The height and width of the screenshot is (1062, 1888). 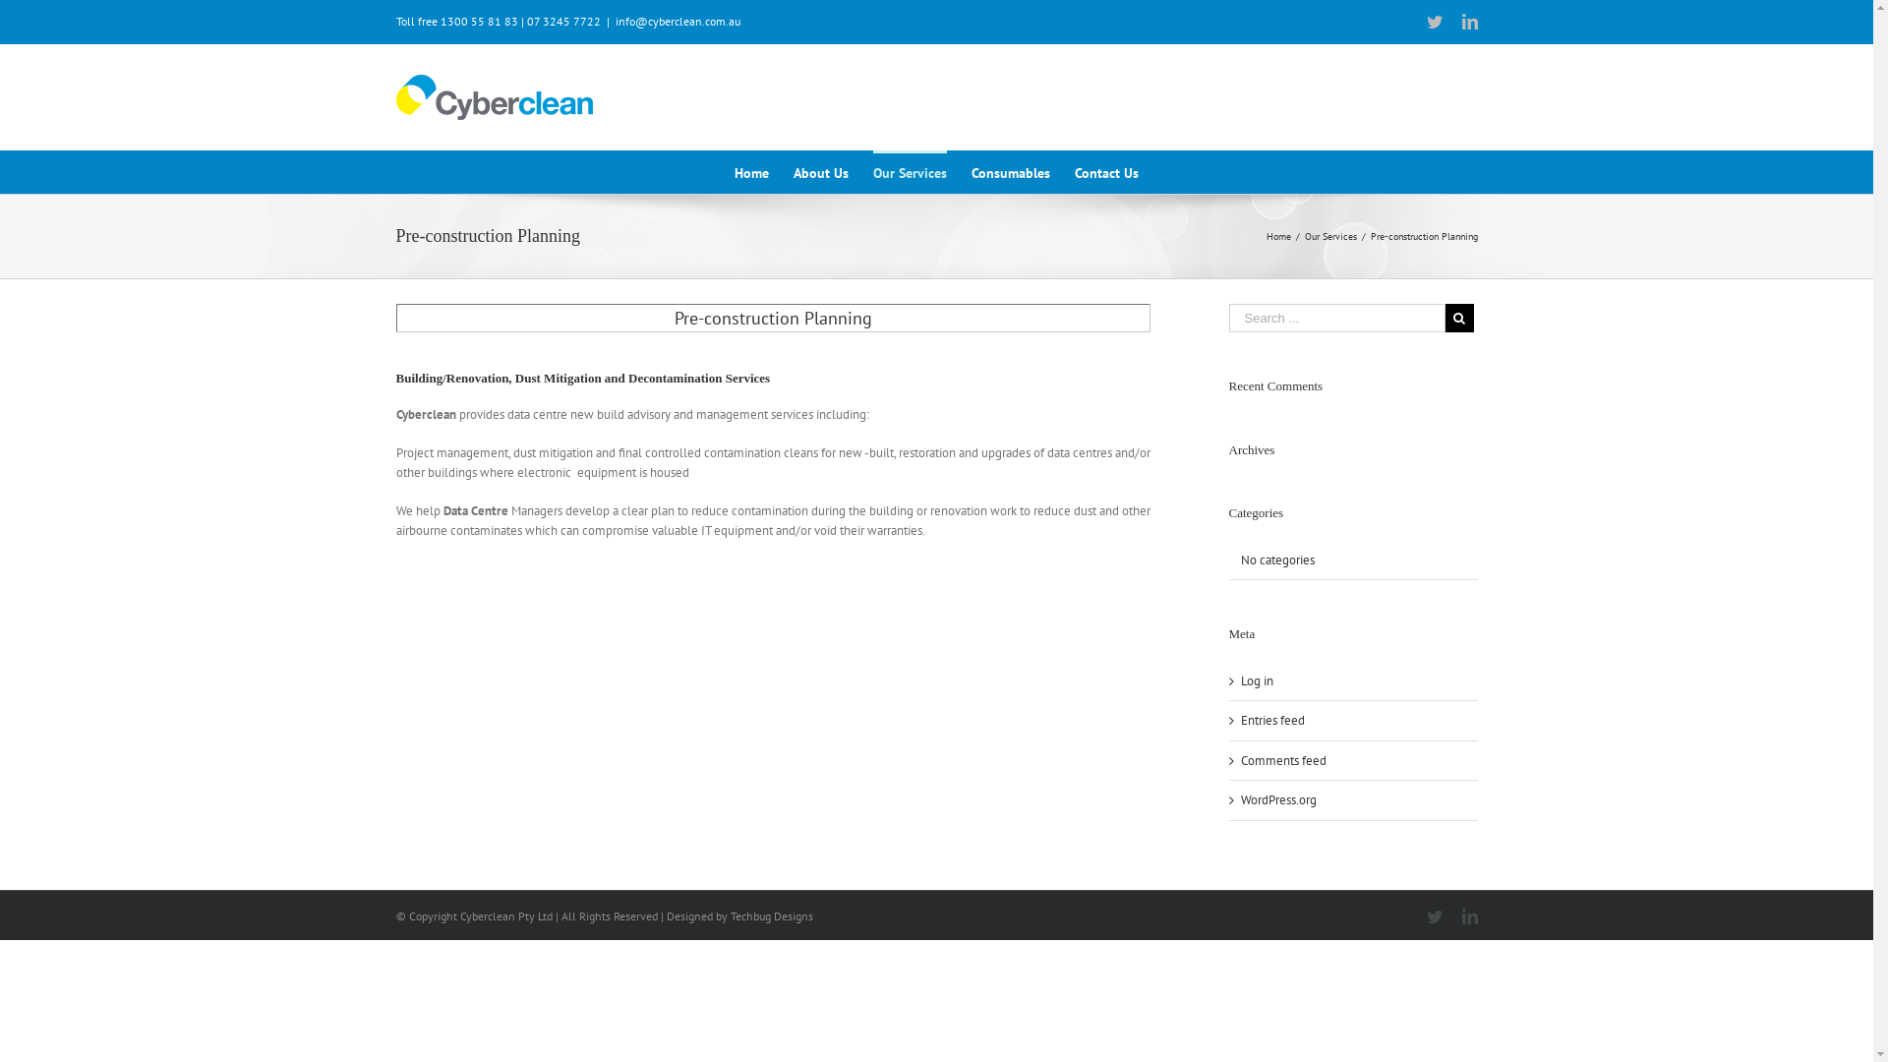 What do you see at coordinates (821, 170) in the screenshot?
I see `'About Us'` at bounding box center [821, 170].